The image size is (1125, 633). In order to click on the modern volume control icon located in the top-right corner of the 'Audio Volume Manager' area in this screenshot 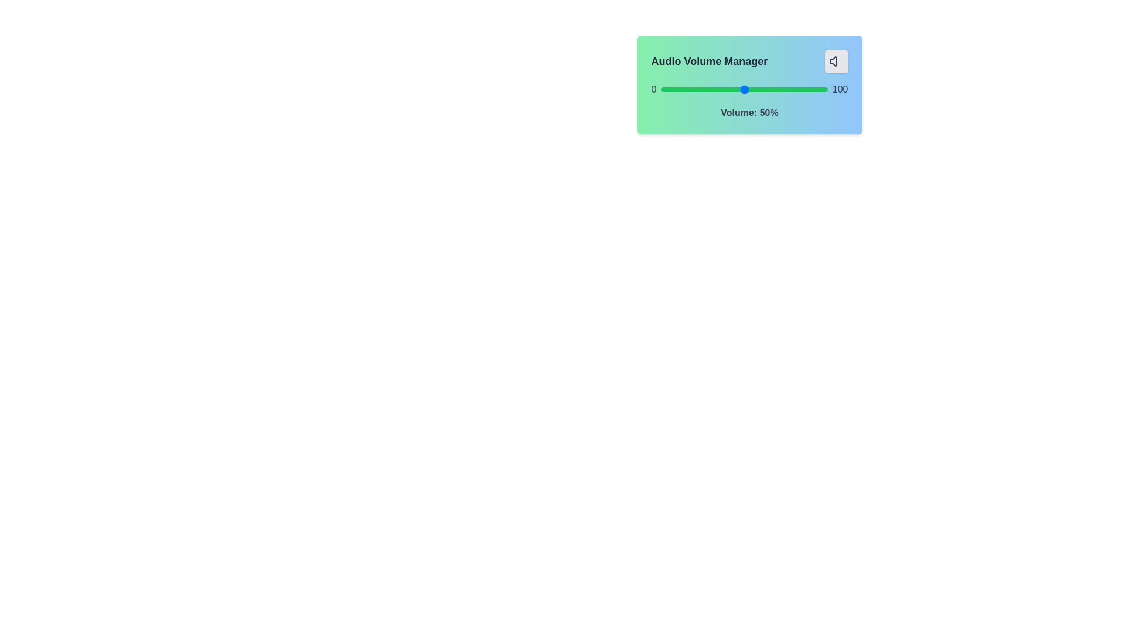, I will do `click(832, 61)`.